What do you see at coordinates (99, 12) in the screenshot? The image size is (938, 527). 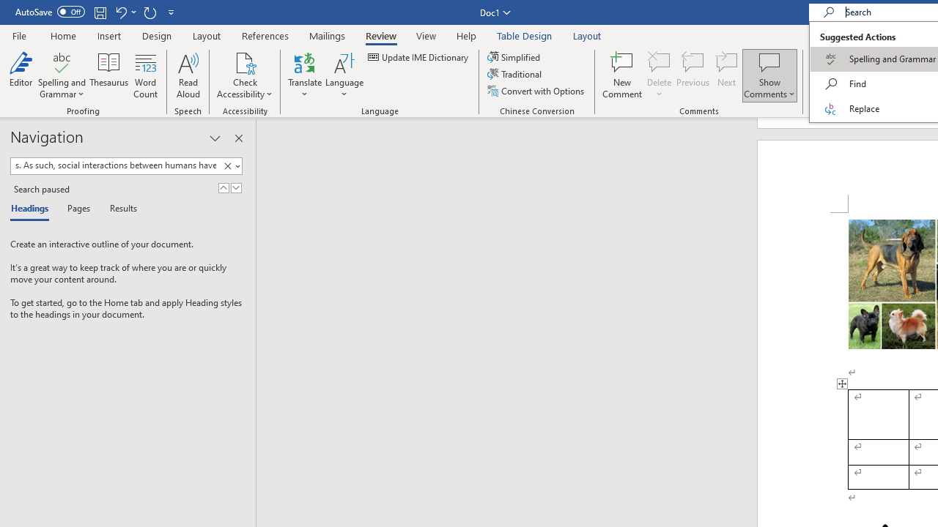 I see `'Save'` at bounding box center [99, 12].